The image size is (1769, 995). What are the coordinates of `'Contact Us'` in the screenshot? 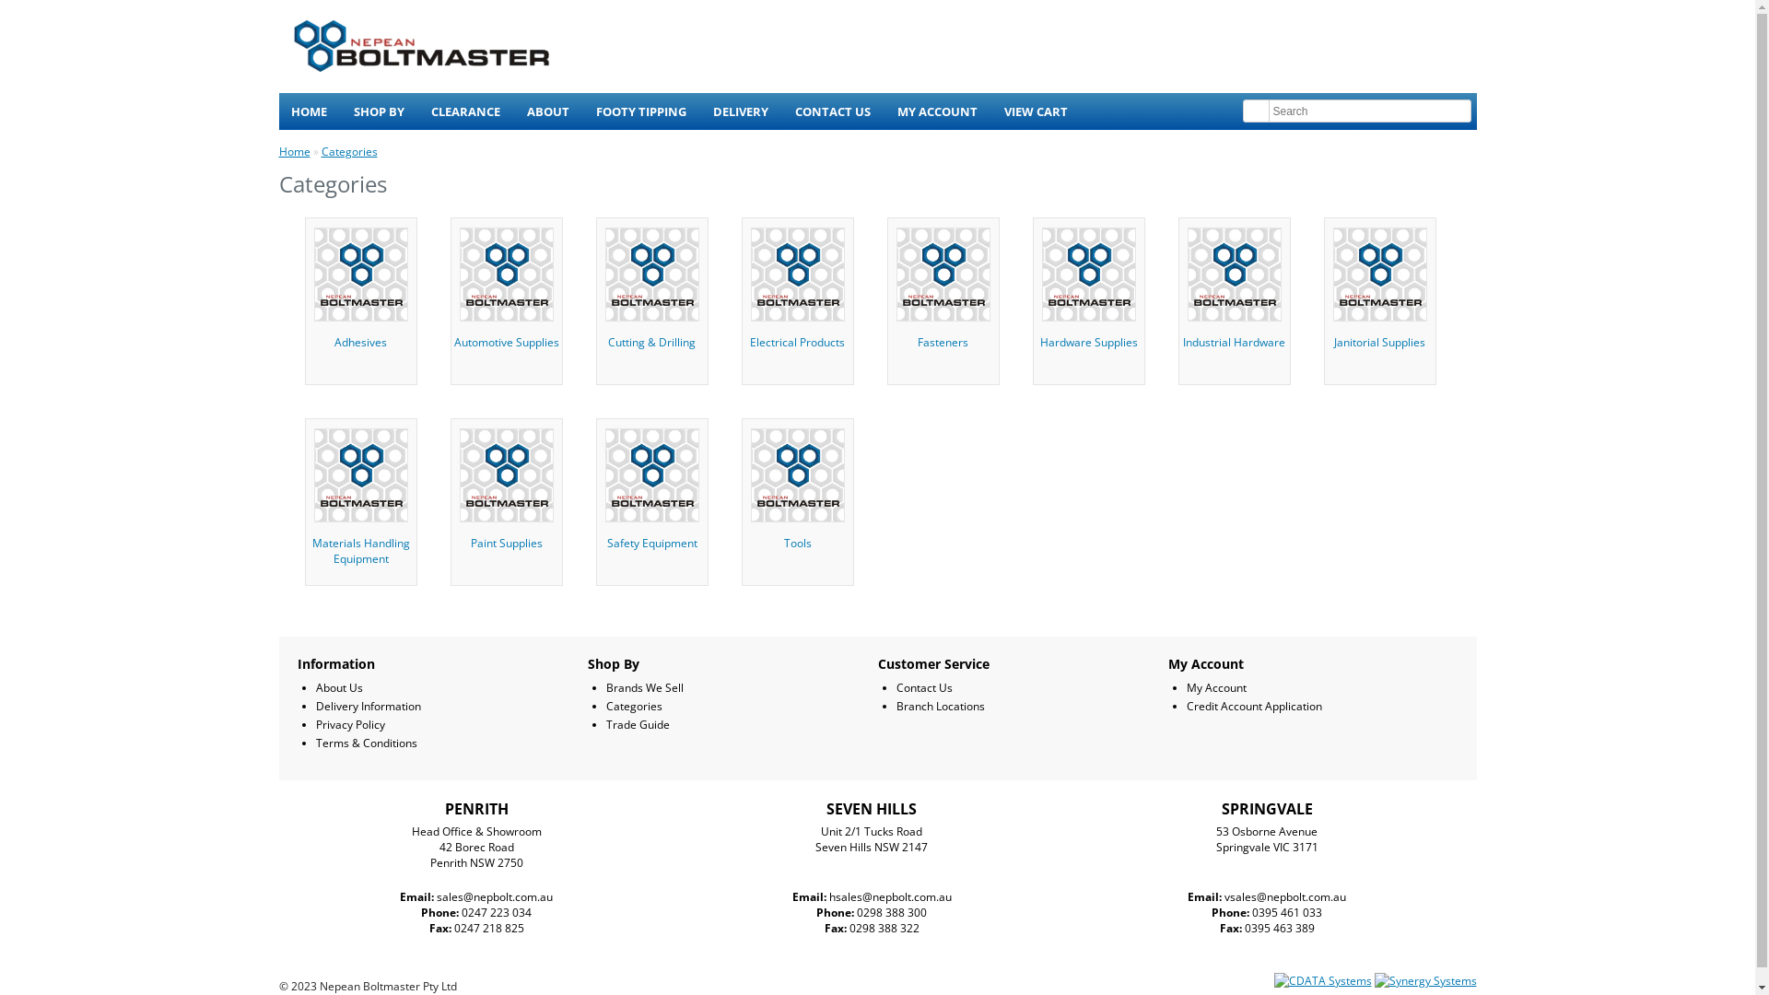 It's located at (895, 687).